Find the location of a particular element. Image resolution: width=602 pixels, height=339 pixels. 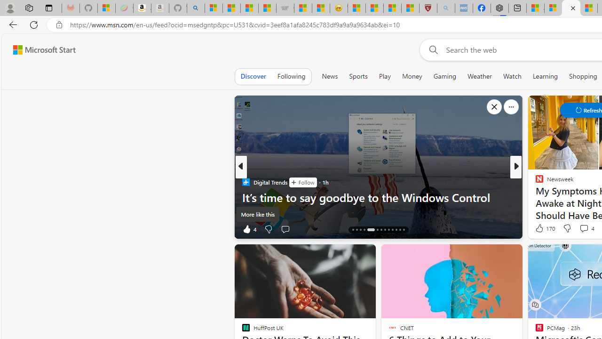

'636 Like' is located at coordinates (542, 229).